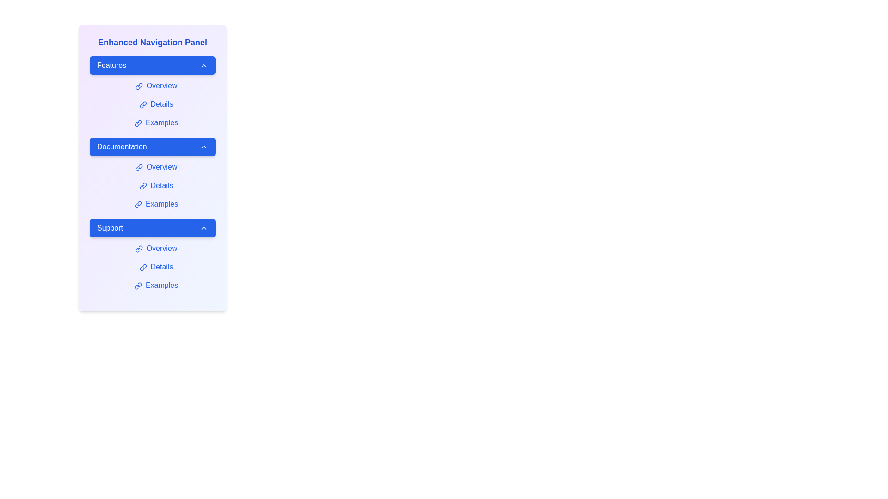 The height and width of the screenshot is (499, 888). I want to click on the 'Details' hyperlink in the vertical navigation menu located within the 'Documentation' section of the Enhanced Navigation Panel, so click(156, 185).